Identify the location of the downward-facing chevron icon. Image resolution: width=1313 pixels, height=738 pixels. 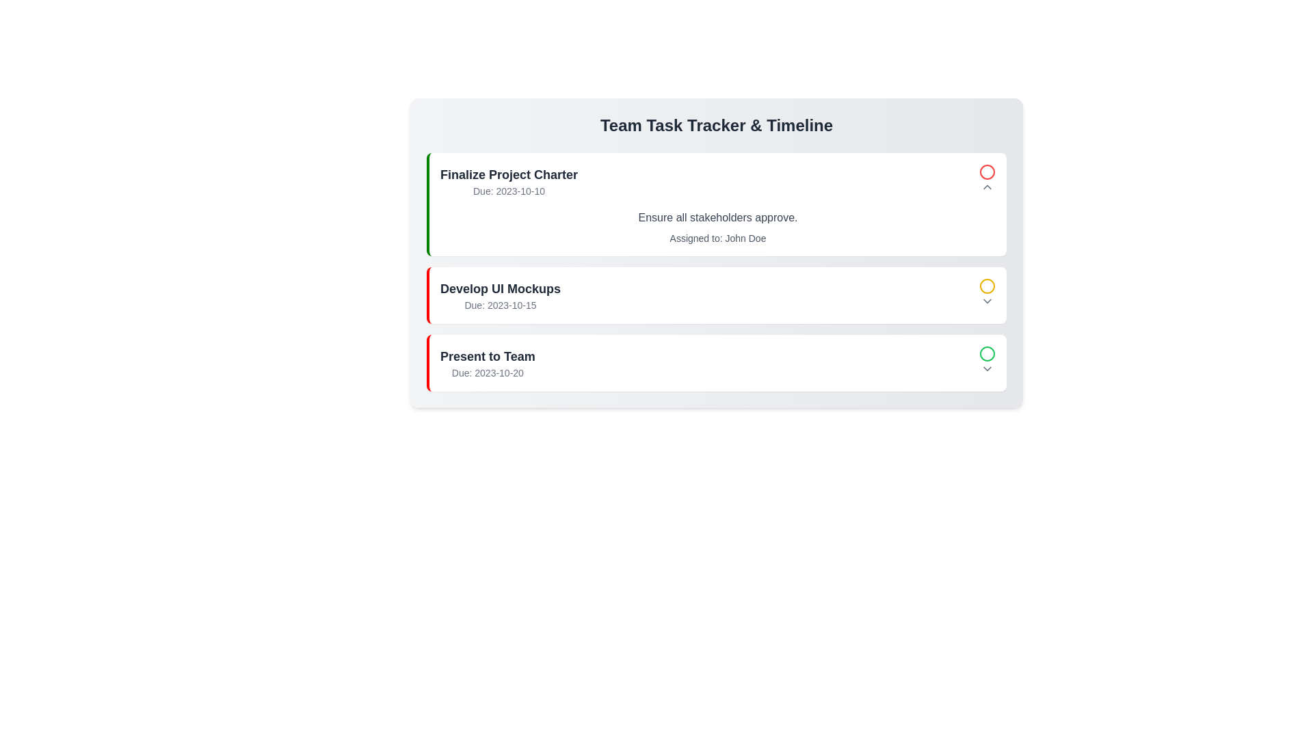
(987, 300).